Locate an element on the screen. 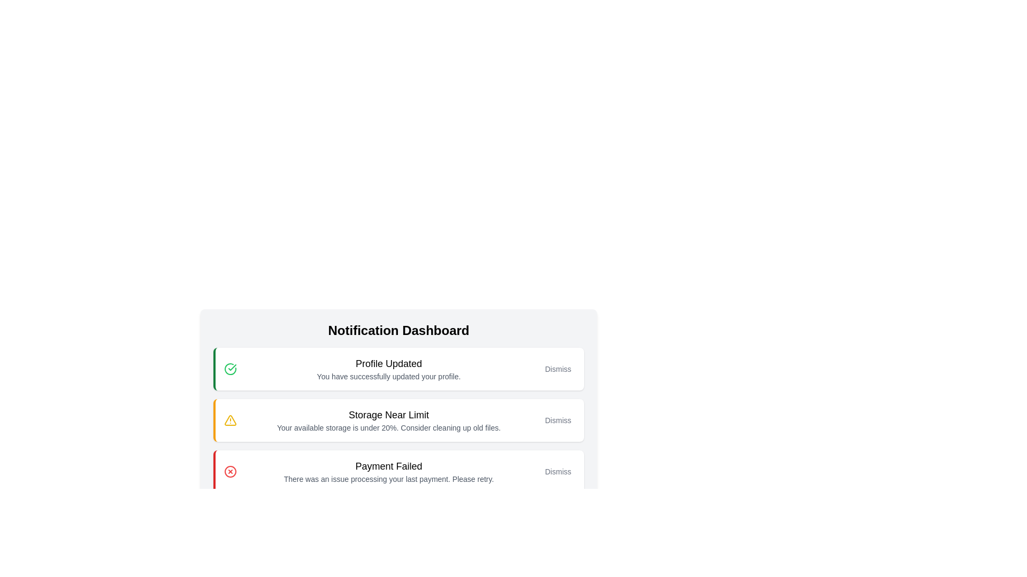  the second notification card in the Notification Dashboard that warns about low storage space is located at coordinates (398, 393).